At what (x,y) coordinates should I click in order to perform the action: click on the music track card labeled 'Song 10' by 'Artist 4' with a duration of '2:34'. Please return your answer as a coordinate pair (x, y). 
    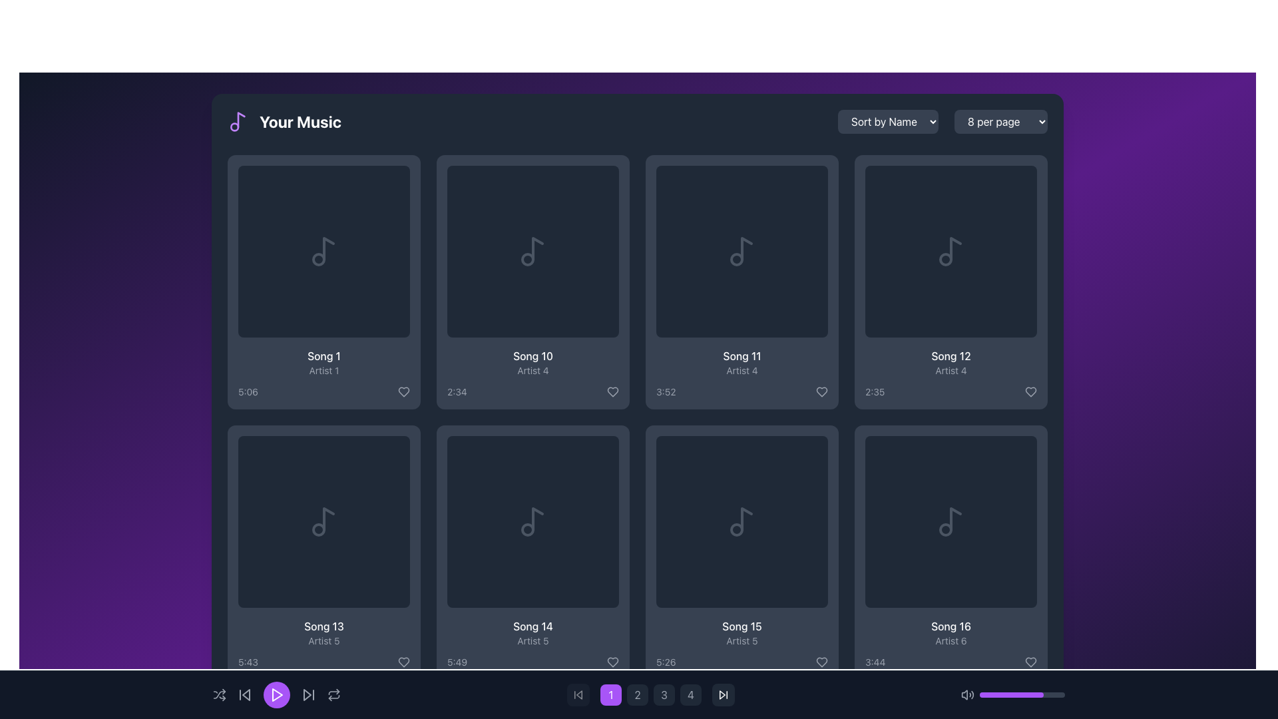
    Looking at the image, I should click on (533, 282).